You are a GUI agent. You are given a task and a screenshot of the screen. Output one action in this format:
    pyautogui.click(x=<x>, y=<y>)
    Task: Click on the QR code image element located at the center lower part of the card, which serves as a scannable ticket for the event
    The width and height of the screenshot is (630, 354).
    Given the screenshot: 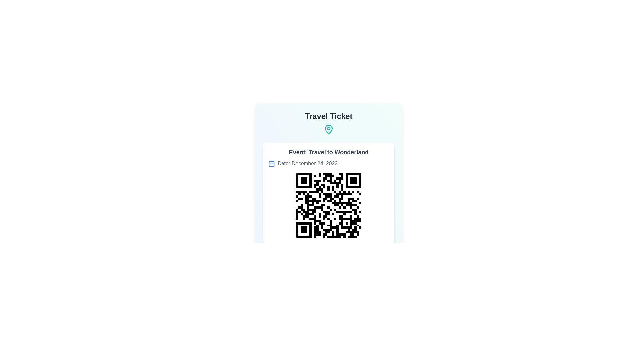 What is the action you would take?
    pyautogui.click(x=329, y=205)
    